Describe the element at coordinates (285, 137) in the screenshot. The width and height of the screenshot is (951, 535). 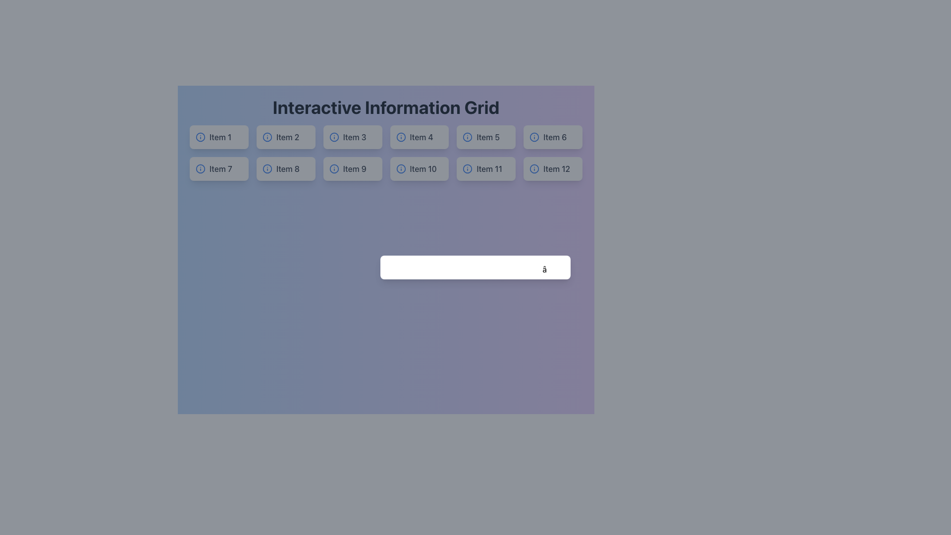
I see `the interactive button related to 'Item 2'` at that location.